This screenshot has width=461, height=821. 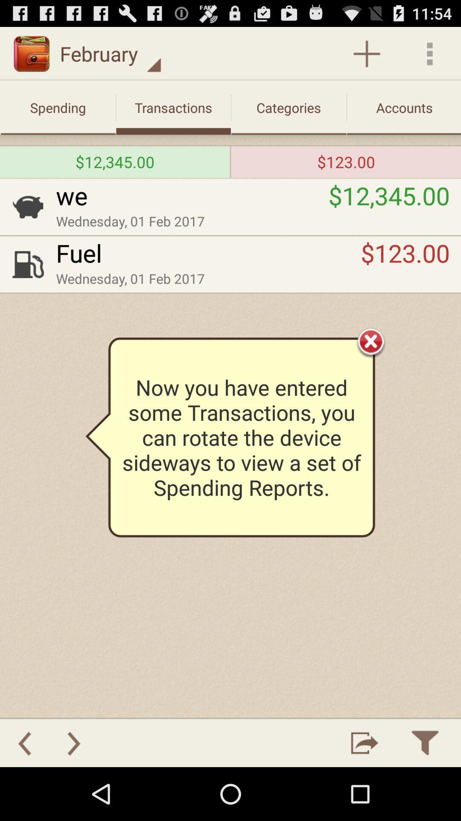 What do you see at coordinates (208, 252) in the screenshot?
I see `the item next to $123.00 icon` at bounding box center [208, 252].